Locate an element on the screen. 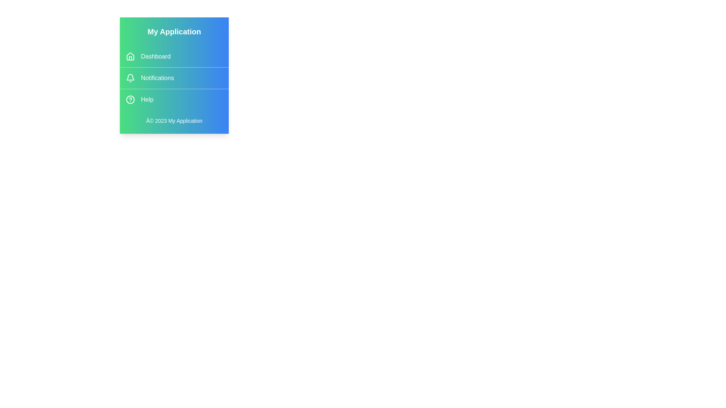  the Dashboard menu item to navigate to its section is located at coordinates (174, 56).